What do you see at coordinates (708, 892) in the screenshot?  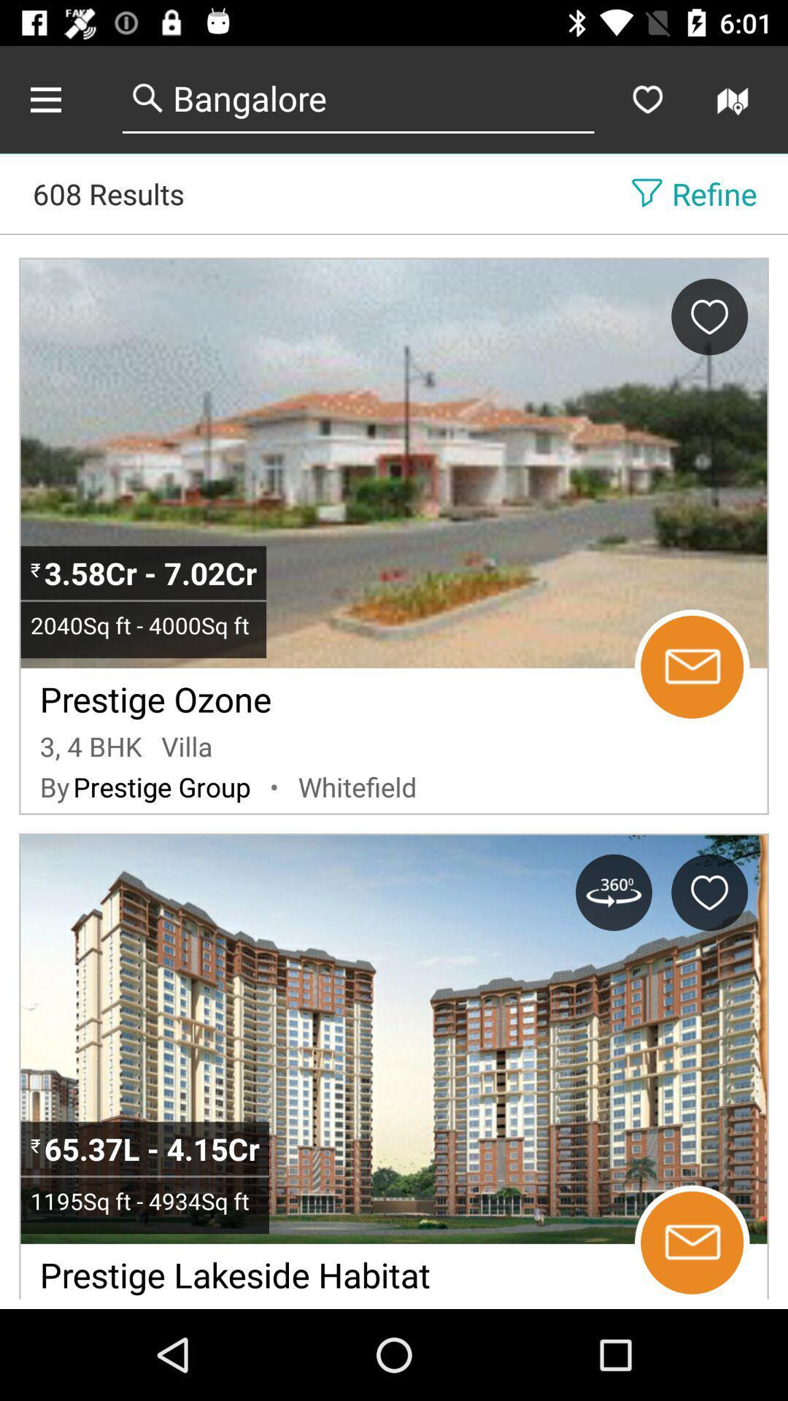 I see `like or favorite` at bounding box center [708, 892].